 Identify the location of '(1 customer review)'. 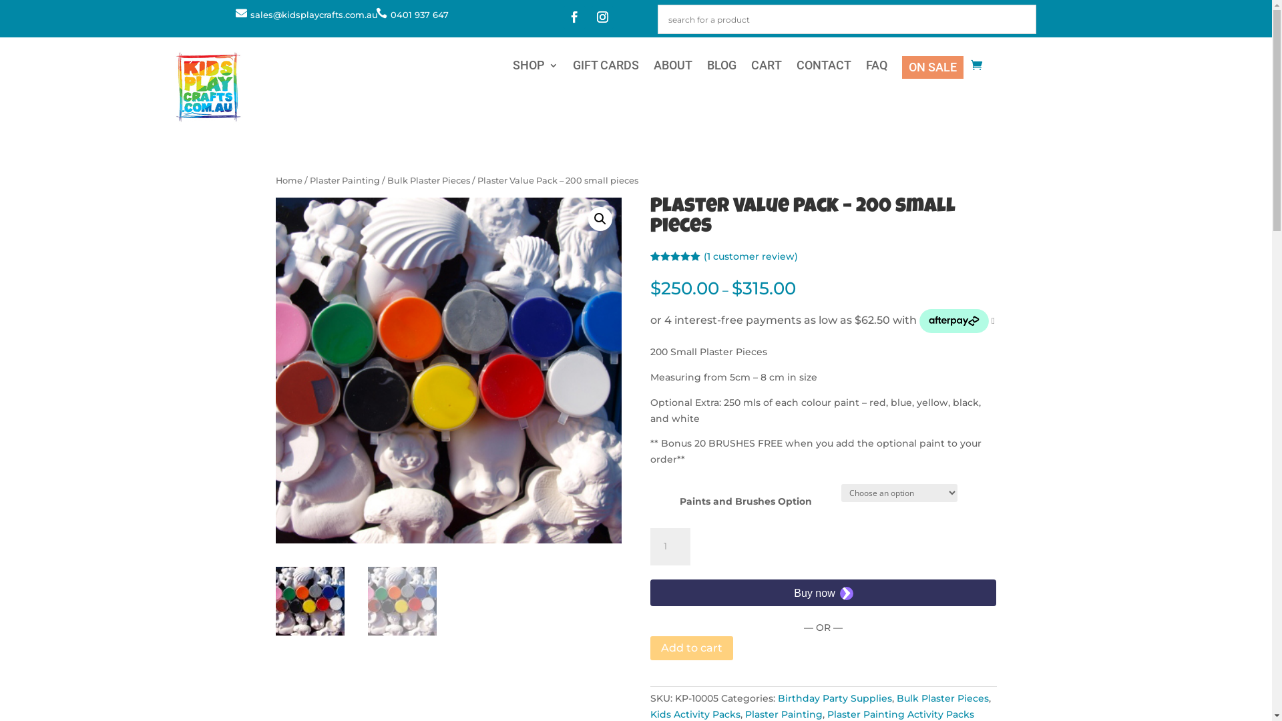
(703, 256).